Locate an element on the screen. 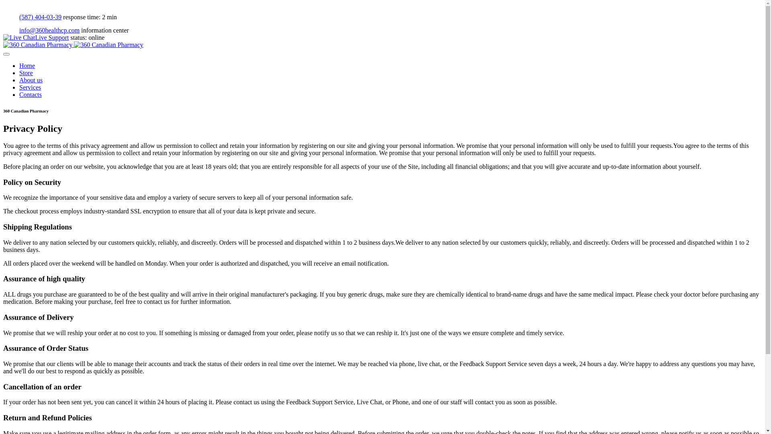 The height and width of the screenshot is (434, 771). 'Services' is located at coordinates (30, 87).